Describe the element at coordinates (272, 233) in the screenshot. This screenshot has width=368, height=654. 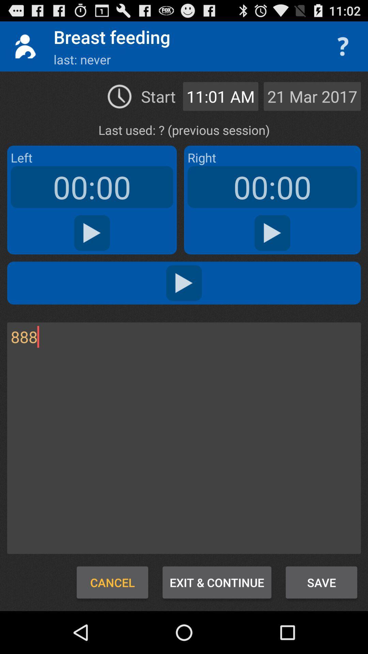
I see `pay right` at that location.